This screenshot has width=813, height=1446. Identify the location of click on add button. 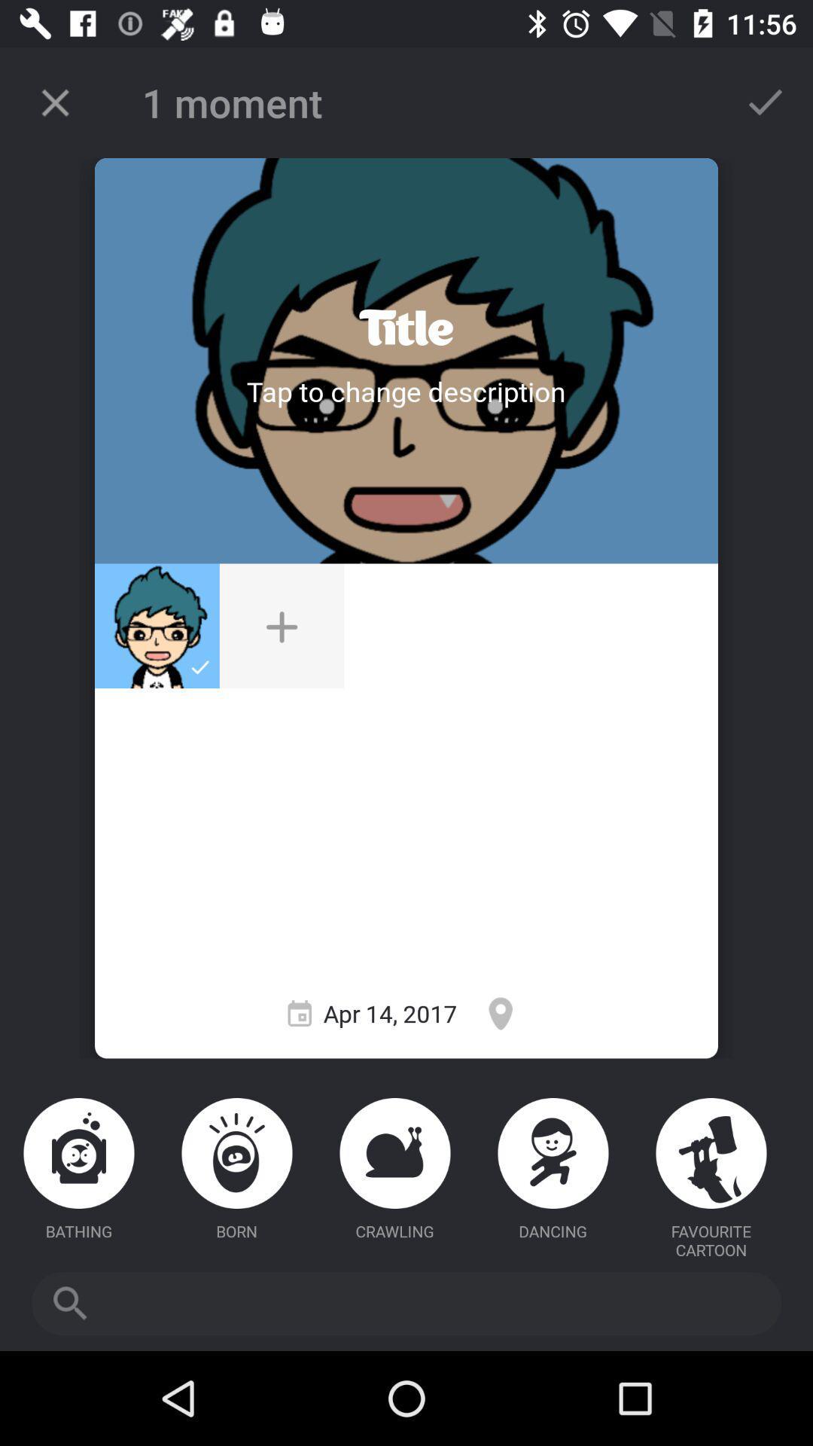
(282, 626).